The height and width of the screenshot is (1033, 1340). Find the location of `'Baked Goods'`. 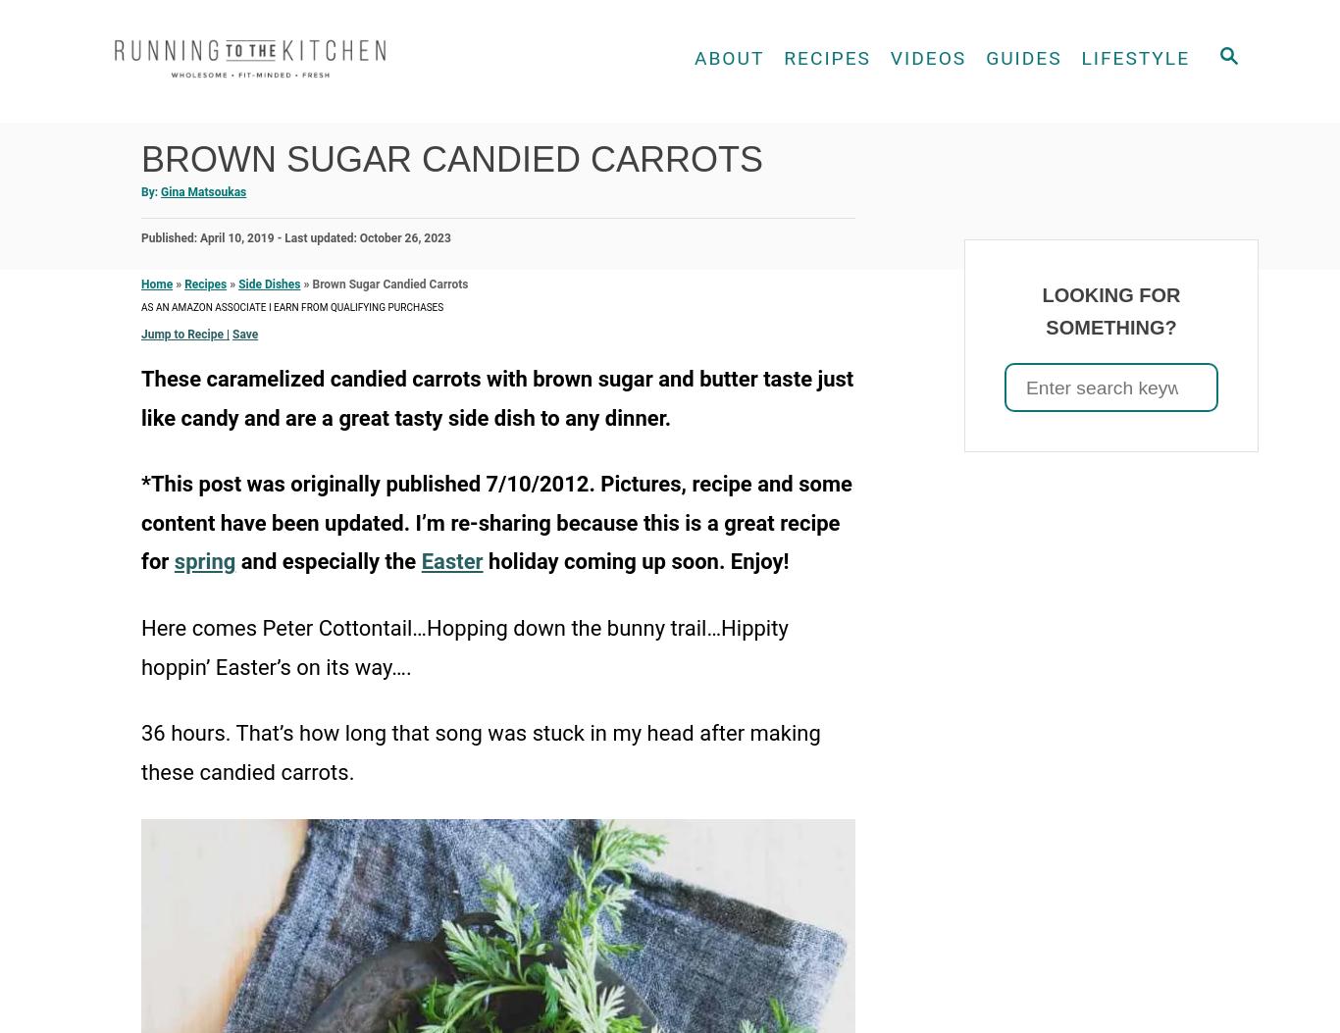

'Baked Goods' is located at coordinates (732, 198).